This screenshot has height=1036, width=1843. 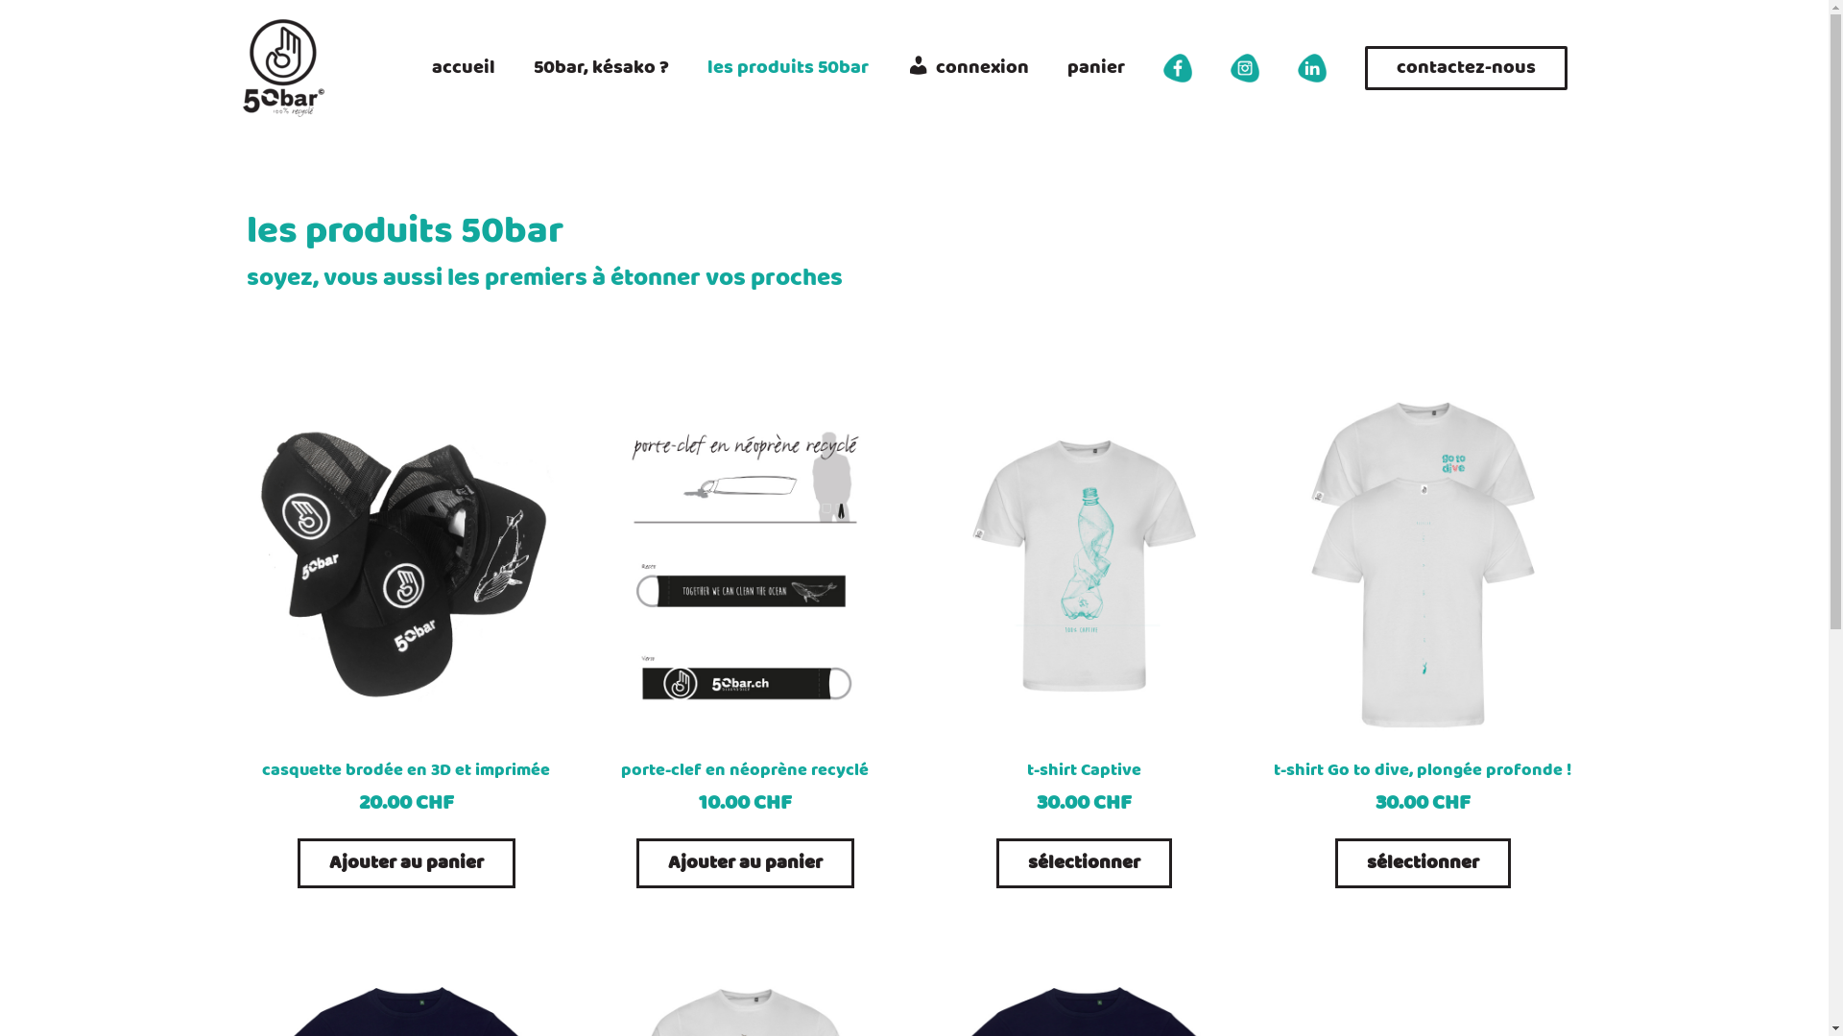 I want to click on 'panier', so click(x=1046, y=66).